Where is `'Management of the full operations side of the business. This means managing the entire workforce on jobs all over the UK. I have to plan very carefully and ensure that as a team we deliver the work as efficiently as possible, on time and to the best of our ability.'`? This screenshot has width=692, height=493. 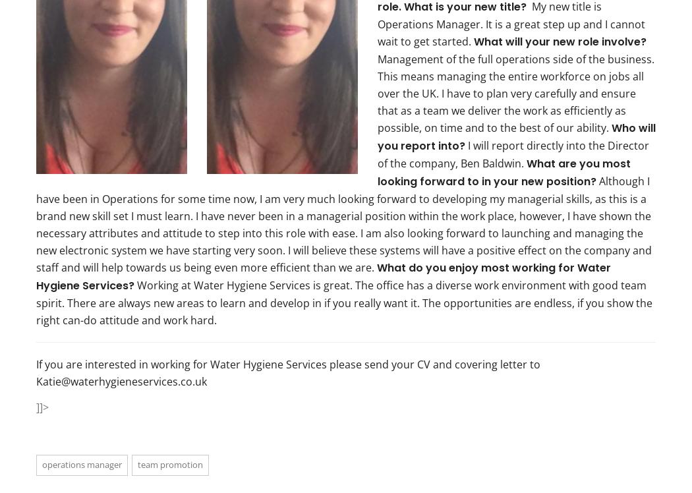 'Management of the full operations side of the business. This means managing the entire workforce on jobs all over the UK. I have to plan very carefully and ensure that as a team we deliver the work as efficiently as possible, on time and to the best of our ability.' is located at coordinates (515, 92).